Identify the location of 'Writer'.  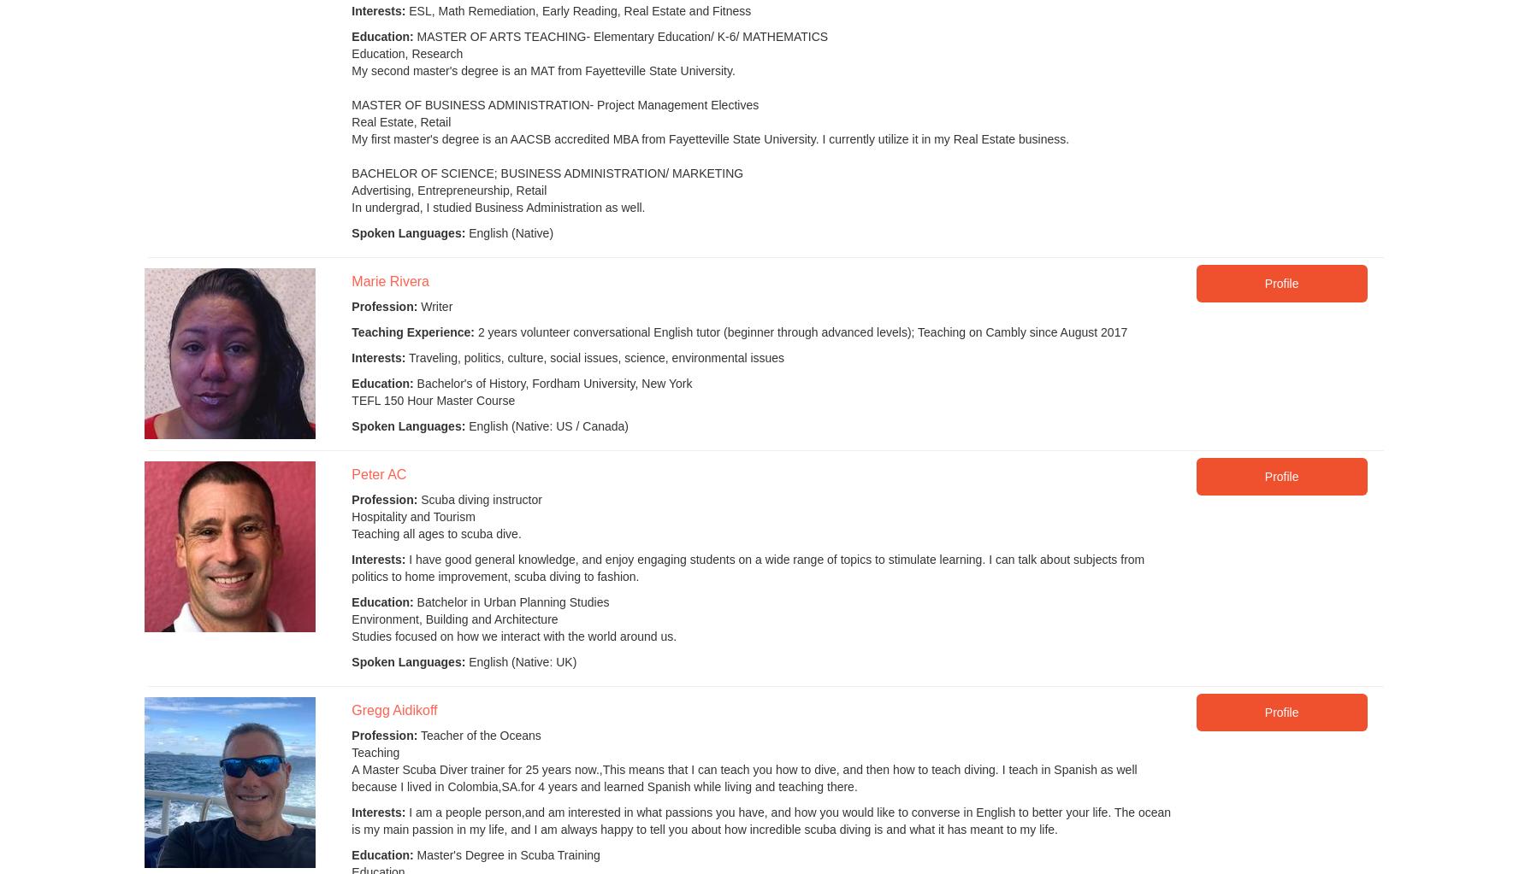
(434, 305).